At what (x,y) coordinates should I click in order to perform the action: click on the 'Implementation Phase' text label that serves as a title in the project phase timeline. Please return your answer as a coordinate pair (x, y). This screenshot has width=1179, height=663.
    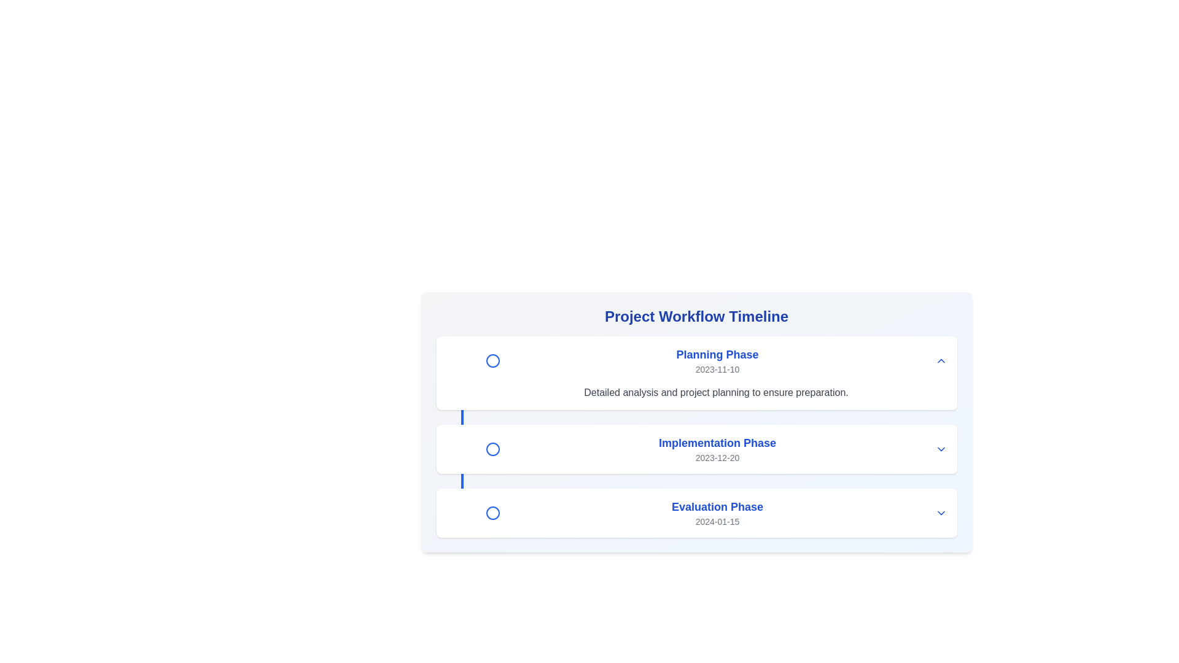
    Looking at the image, I should click on (717, 443).